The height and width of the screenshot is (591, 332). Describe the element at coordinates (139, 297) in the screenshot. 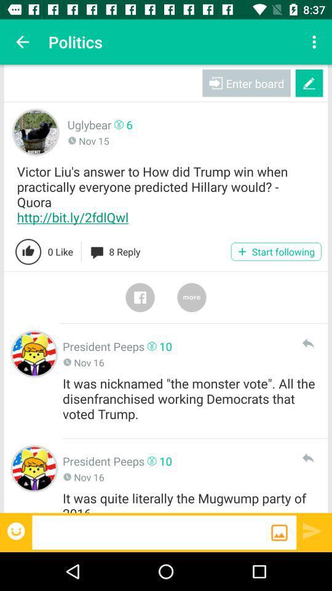

I see `share on facebook` at that location.